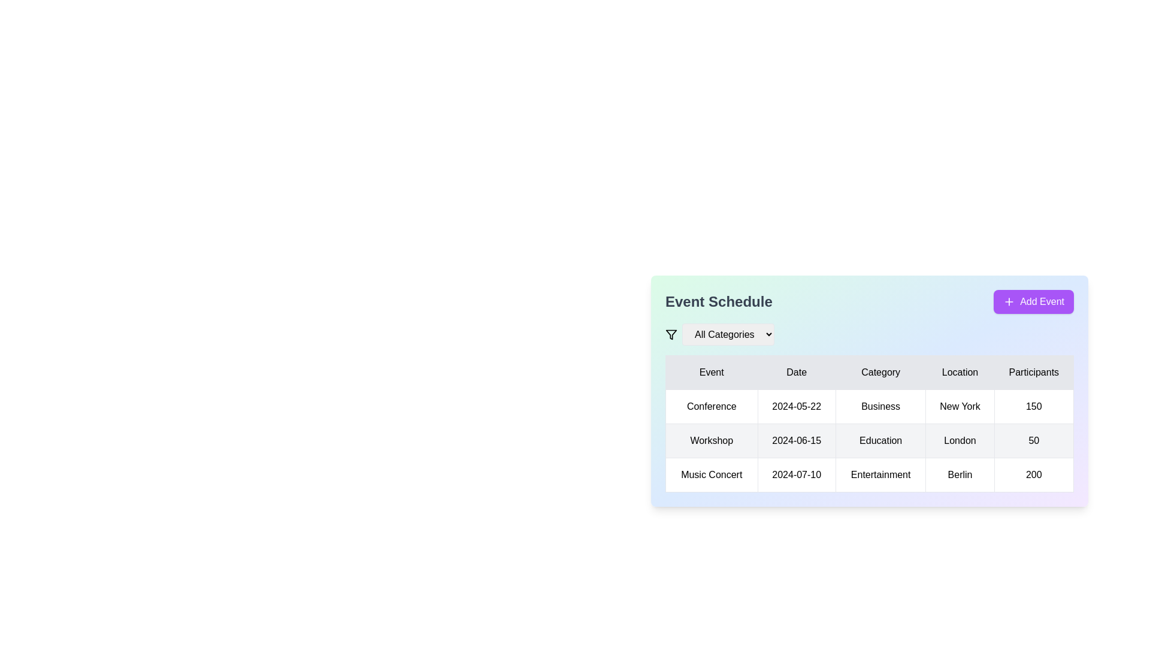  What do you see at coordinates (797, 371) in the screenshot?
I see `the 'Date' text label, which is the second column header in a table layout, styled with a light gray background and bold text` at bounding box center [797, 371].